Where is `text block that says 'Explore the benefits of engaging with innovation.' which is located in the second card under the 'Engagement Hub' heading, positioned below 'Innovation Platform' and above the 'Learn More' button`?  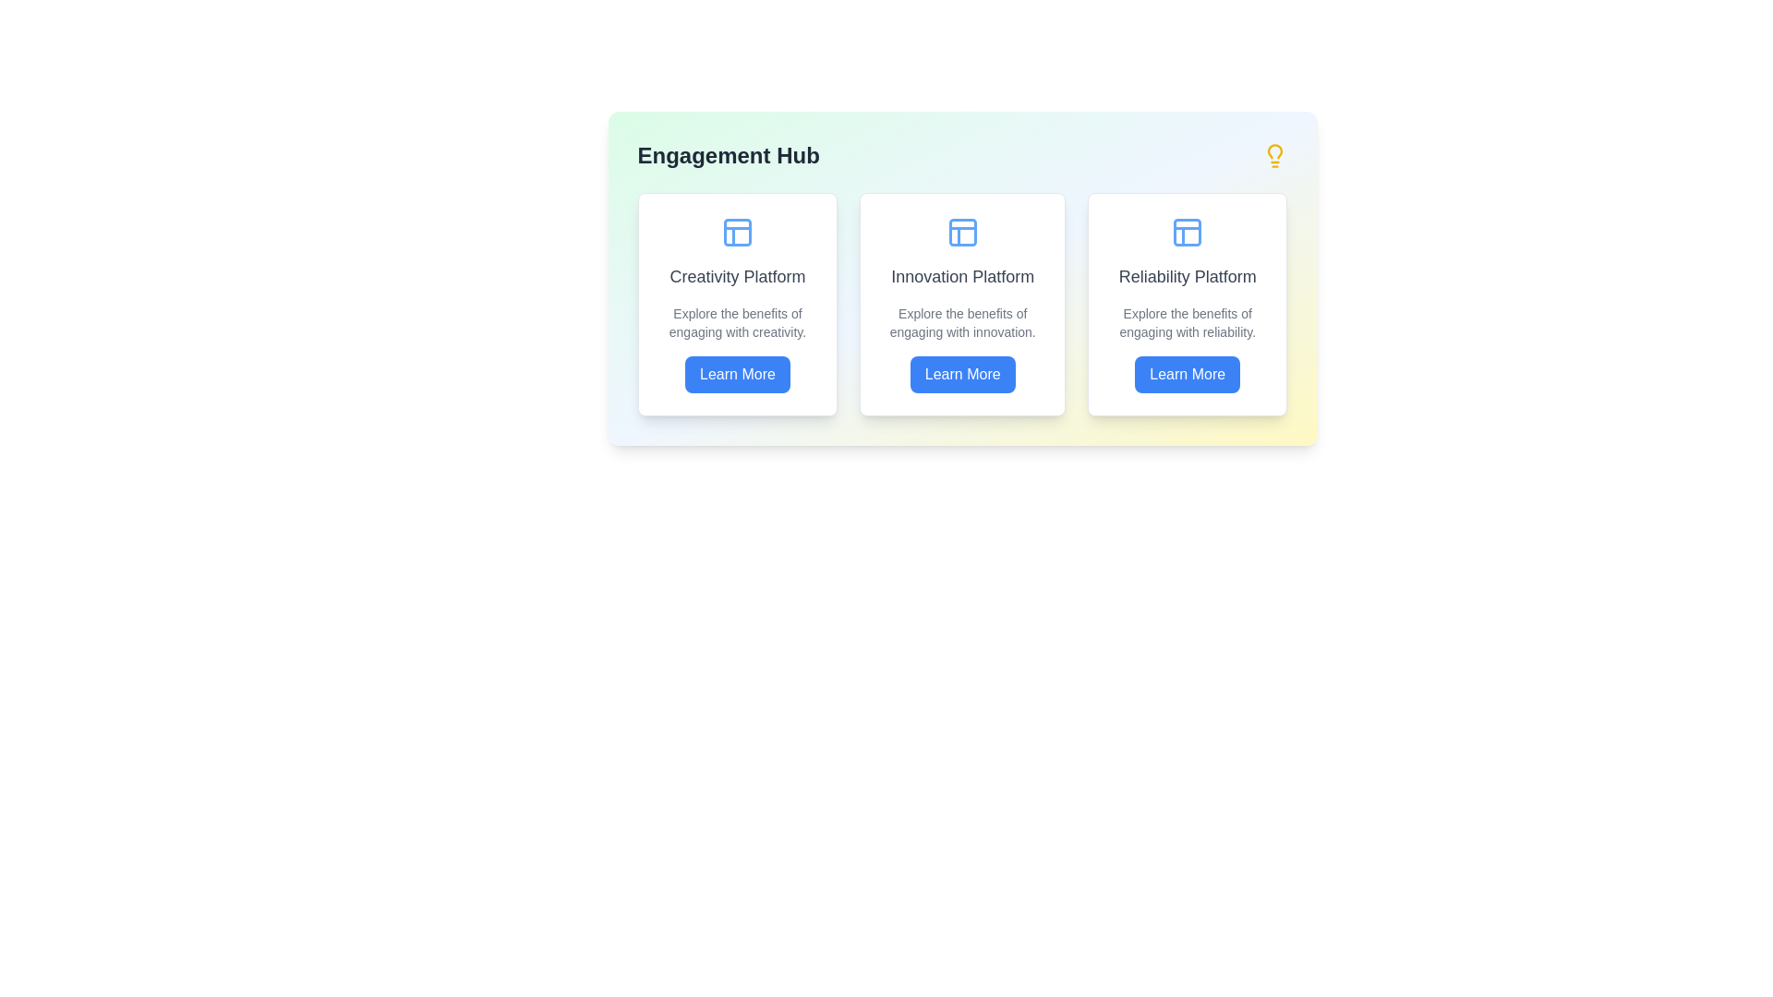
text block that says 'Explore the benefits of engaging with innovation.' which is located in the second card under the 'Engagement Hub' heading, positioned below 'Innovation Platform' and above the 'Learn More' button is located at coordinates (961, 322).